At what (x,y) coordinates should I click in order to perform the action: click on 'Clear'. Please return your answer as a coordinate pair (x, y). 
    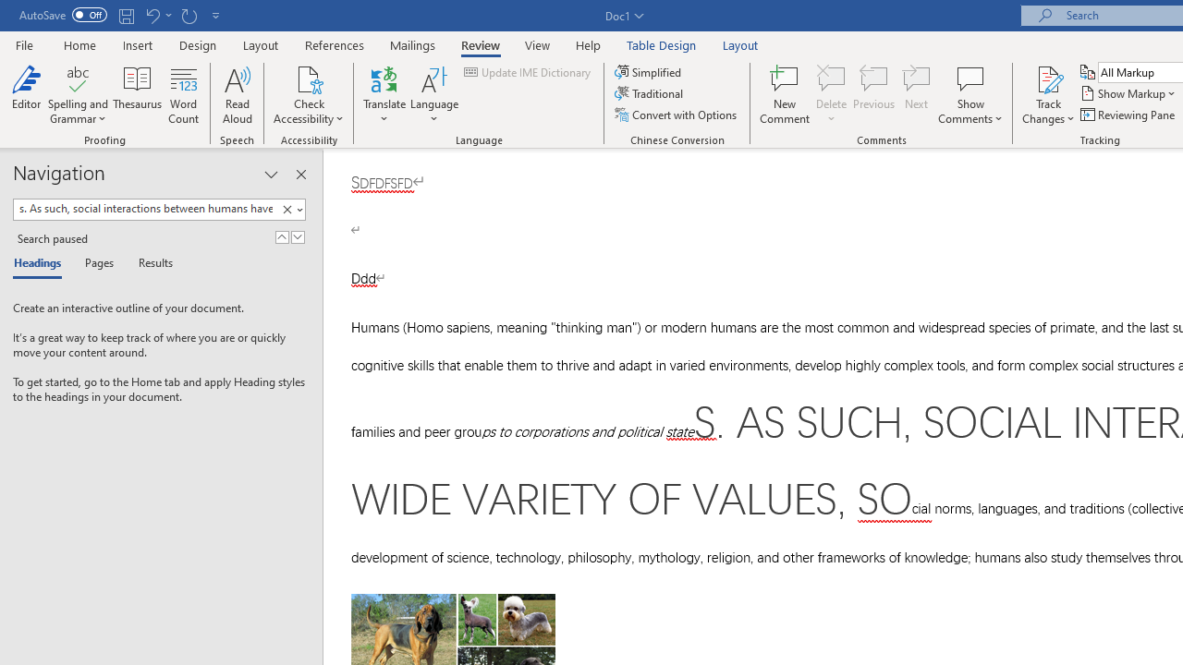
    Looking at the image, I should click on (287, 209).